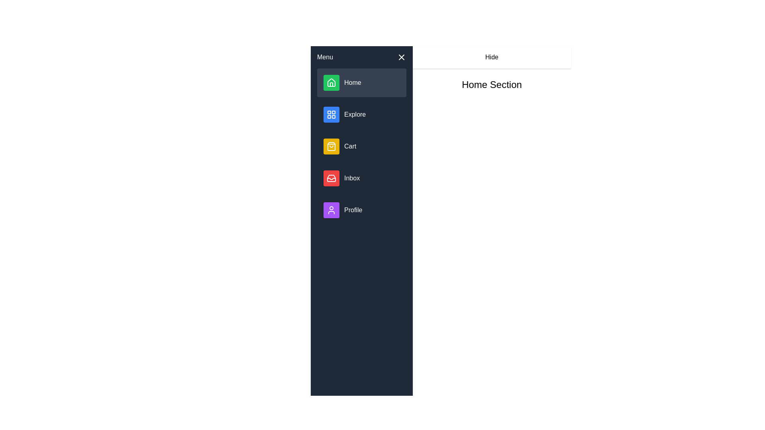  Describe the element at coordinates (331, 178) in the screenshot. I see `the 'Inbox' icon located in the sidebar menu, which is the fourth item in the navigation list` at that location.